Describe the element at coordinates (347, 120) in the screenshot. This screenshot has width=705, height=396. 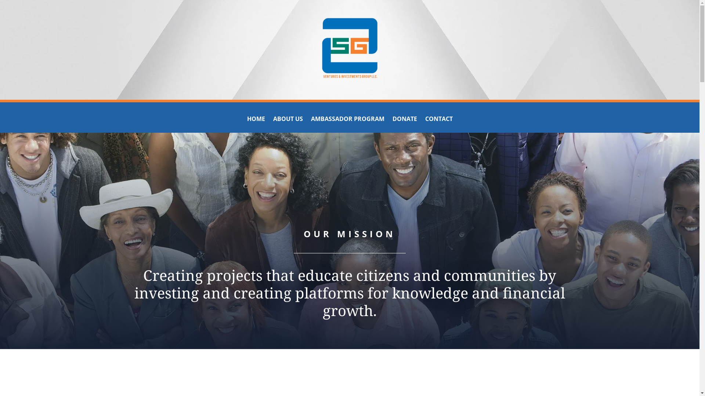
I see `'AMBASSADOR PROGRAM'` at that location.